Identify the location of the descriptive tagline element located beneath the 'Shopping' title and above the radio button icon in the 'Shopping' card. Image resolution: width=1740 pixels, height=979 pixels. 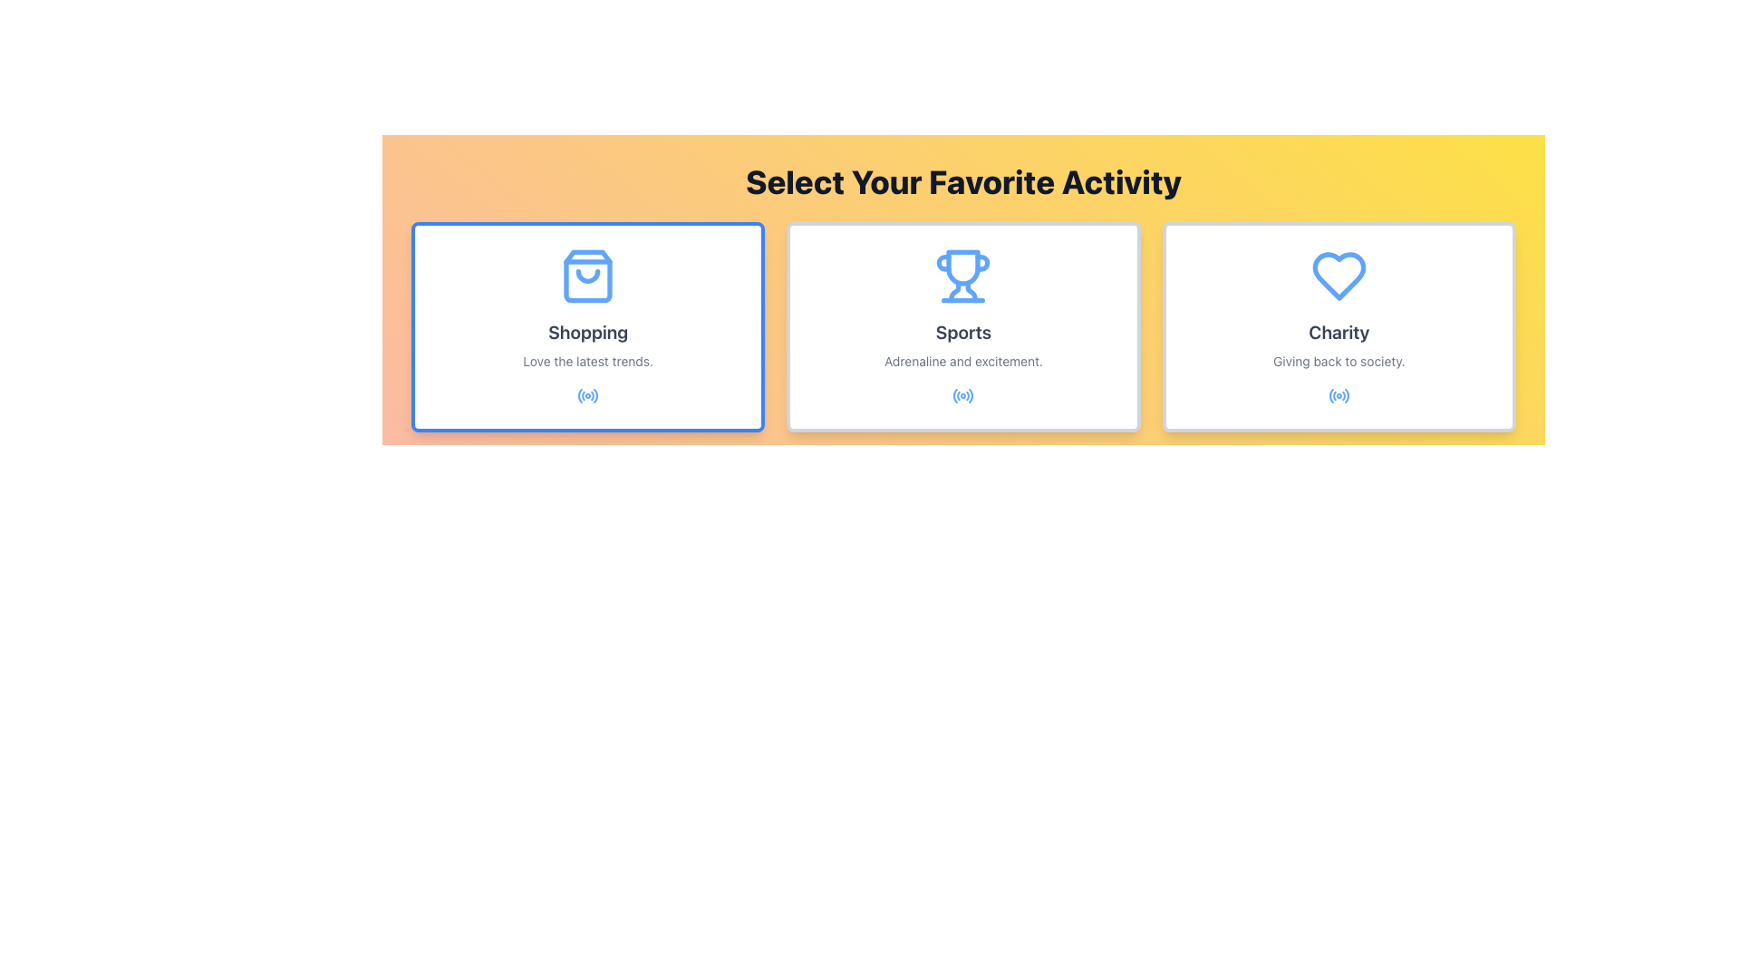
(588, 361).